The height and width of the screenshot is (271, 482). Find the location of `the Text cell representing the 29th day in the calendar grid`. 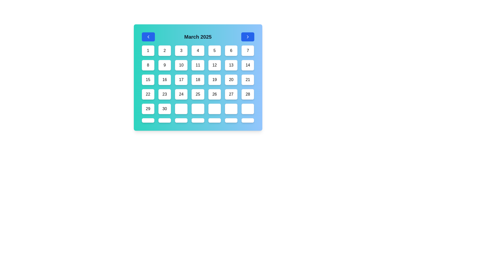

the Text cell representing the 29th day in the calendar grid is located at coordinates (148, 109).